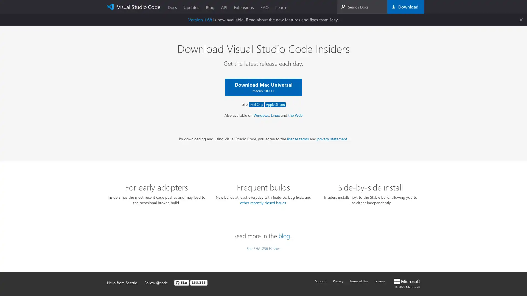  Describe the element at coordinates (263, 248) in the screenshot. I see `See SHA-256 Hashes` at that location.